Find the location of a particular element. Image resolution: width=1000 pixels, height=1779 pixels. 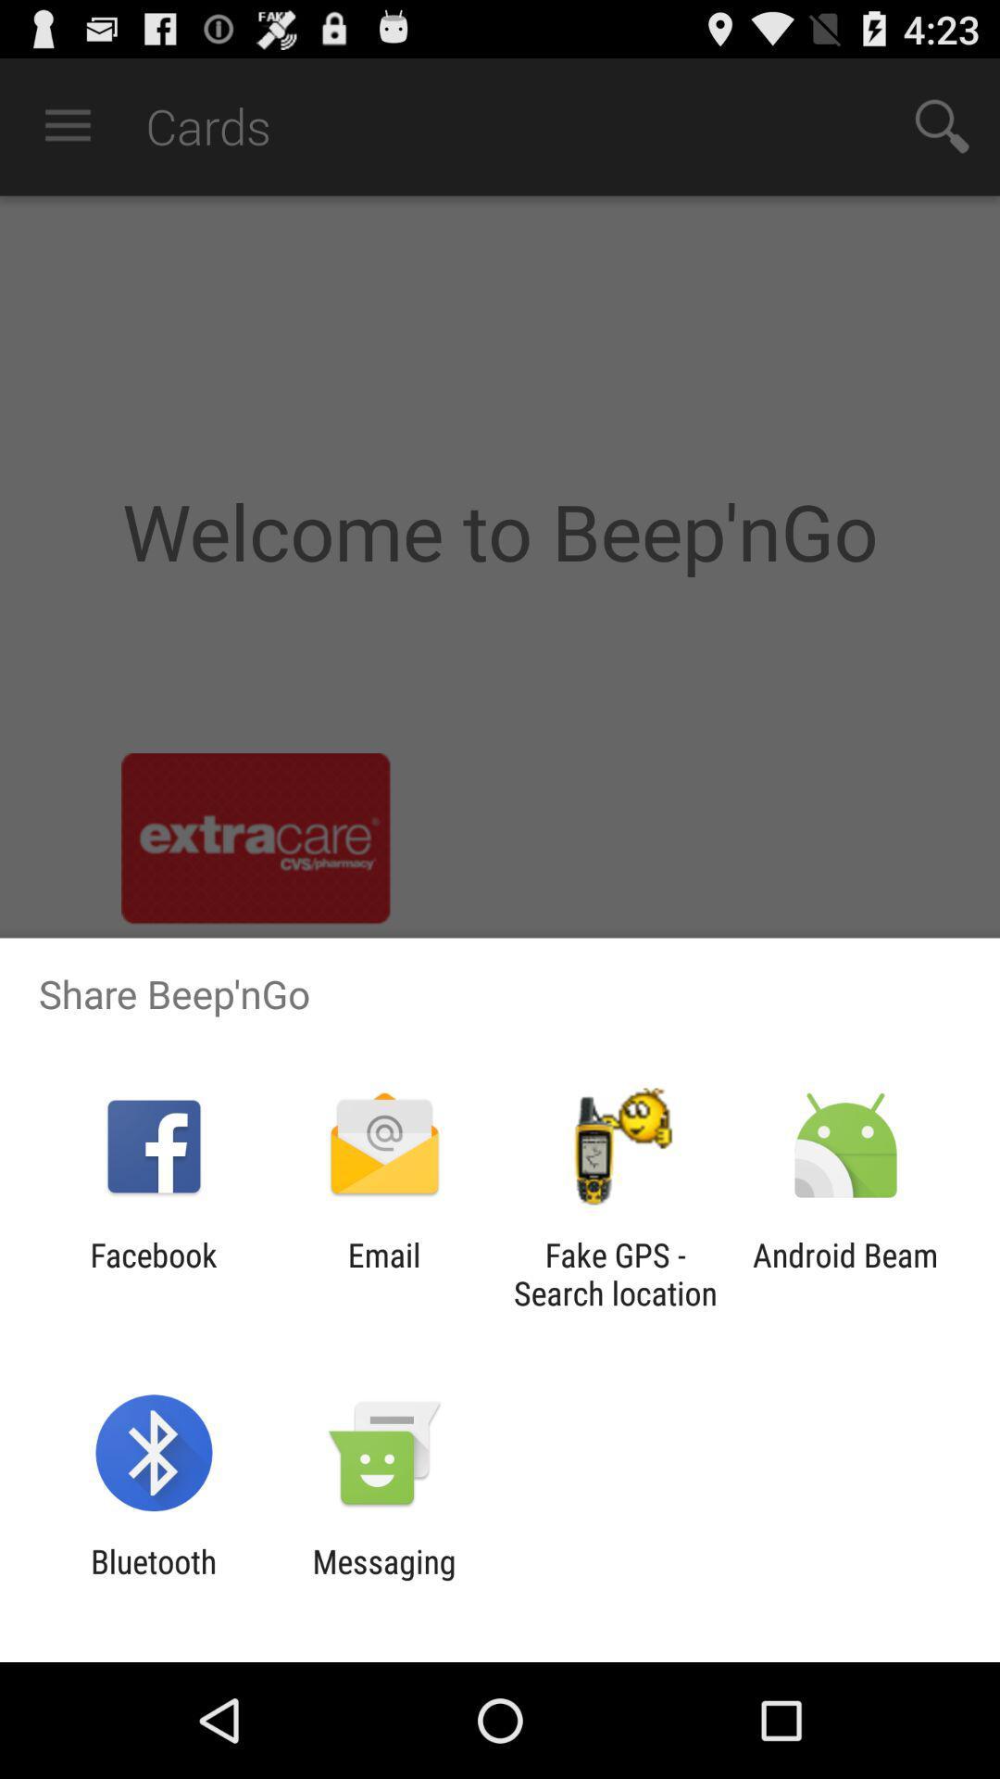

icon to the left of the email item is located at coordinates (153, 1273).